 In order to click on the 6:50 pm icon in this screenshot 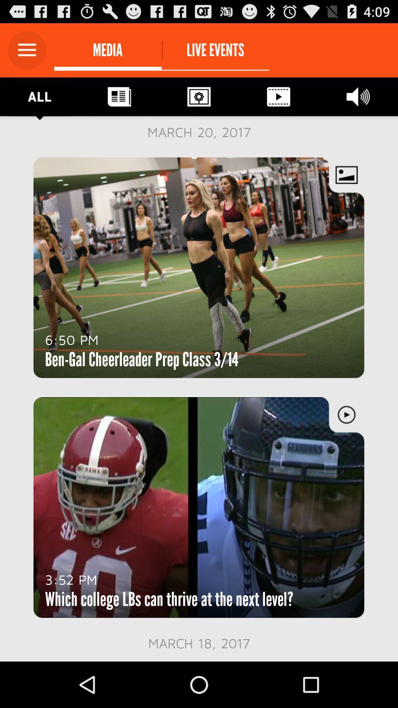, I will do `click(72, 339)`.